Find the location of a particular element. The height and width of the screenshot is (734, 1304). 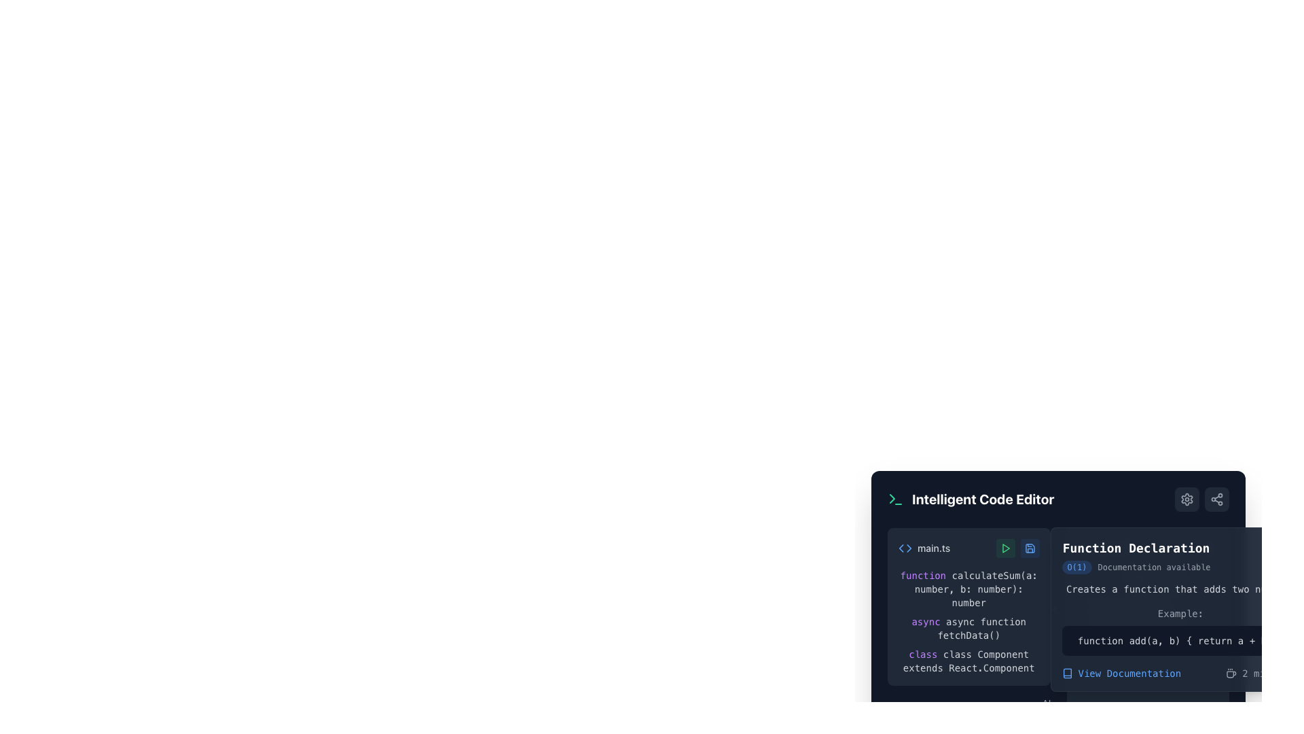

the static text element located at the bottom-right section of the interface, which serves as a label for the associated component, adjacent to a green icon is located at coordinates (1112, 547).